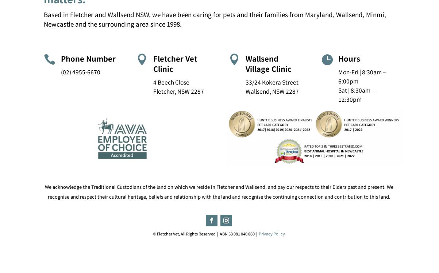 The image size is (439, 273). What do you see at coordinates (268, 63) in the screenshot?
I see `'Wallsend Village Clinic'` at bounding box center [268, 63].